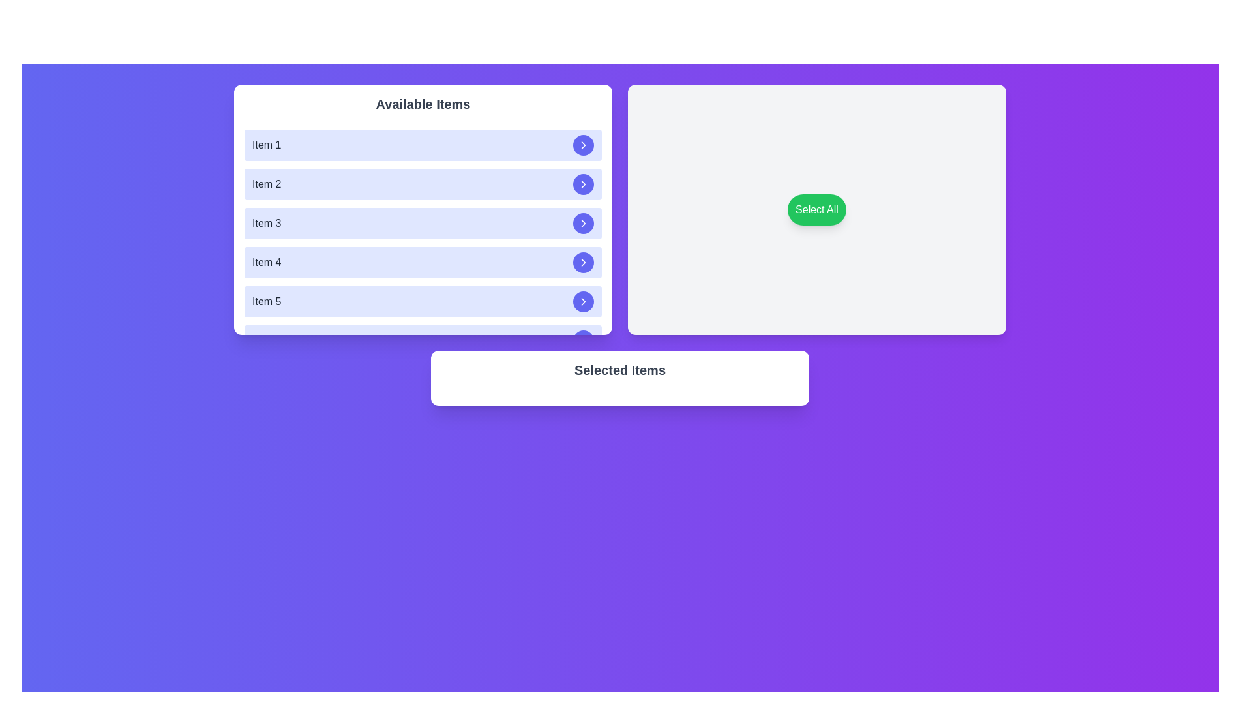 Image resolution: width=1252 pixels, height=704 pixels. What do you see at coordinates (582, 223) in the screenshot?
I see `the chevron icon located within the circular button to the right of 'Item 3' in the 'Available Items' list to initiate an action` at bounding box center [582, 223].